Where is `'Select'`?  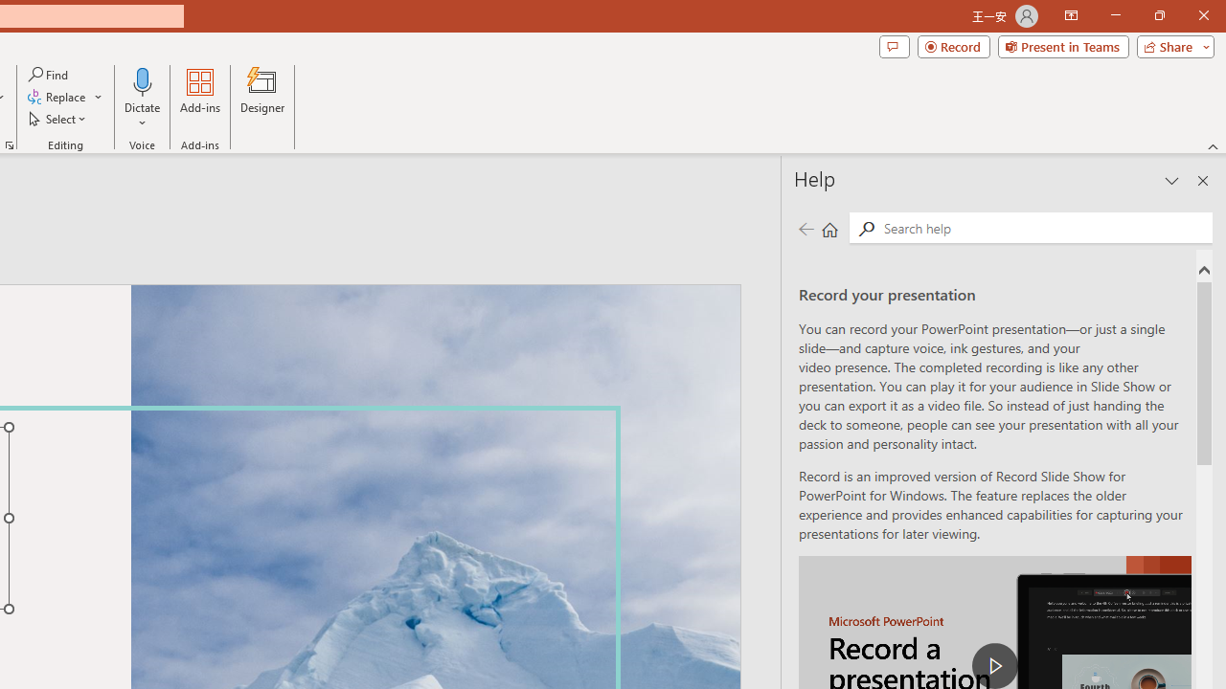 'Select' is located at coordinates (58, 119).